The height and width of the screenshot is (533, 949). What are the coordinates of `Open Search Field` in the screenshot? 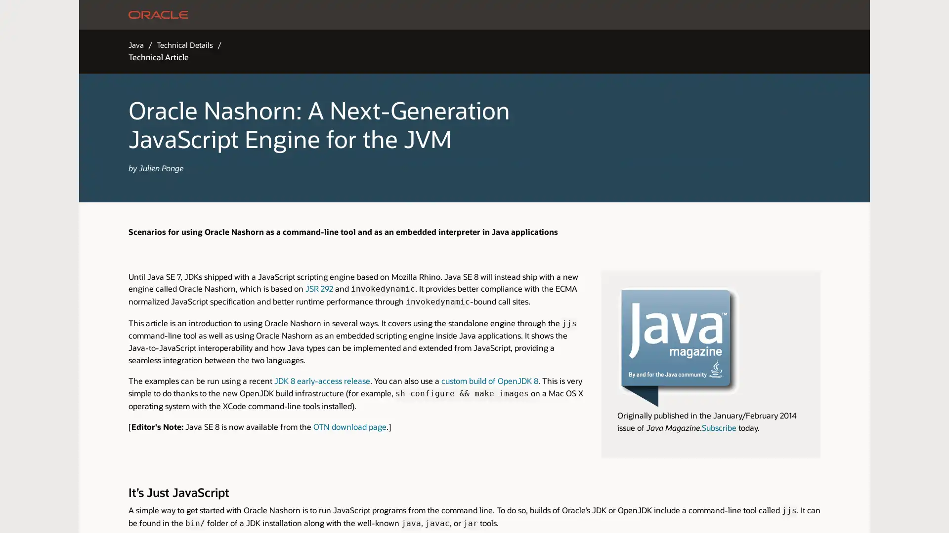 It's located at (645, 15).